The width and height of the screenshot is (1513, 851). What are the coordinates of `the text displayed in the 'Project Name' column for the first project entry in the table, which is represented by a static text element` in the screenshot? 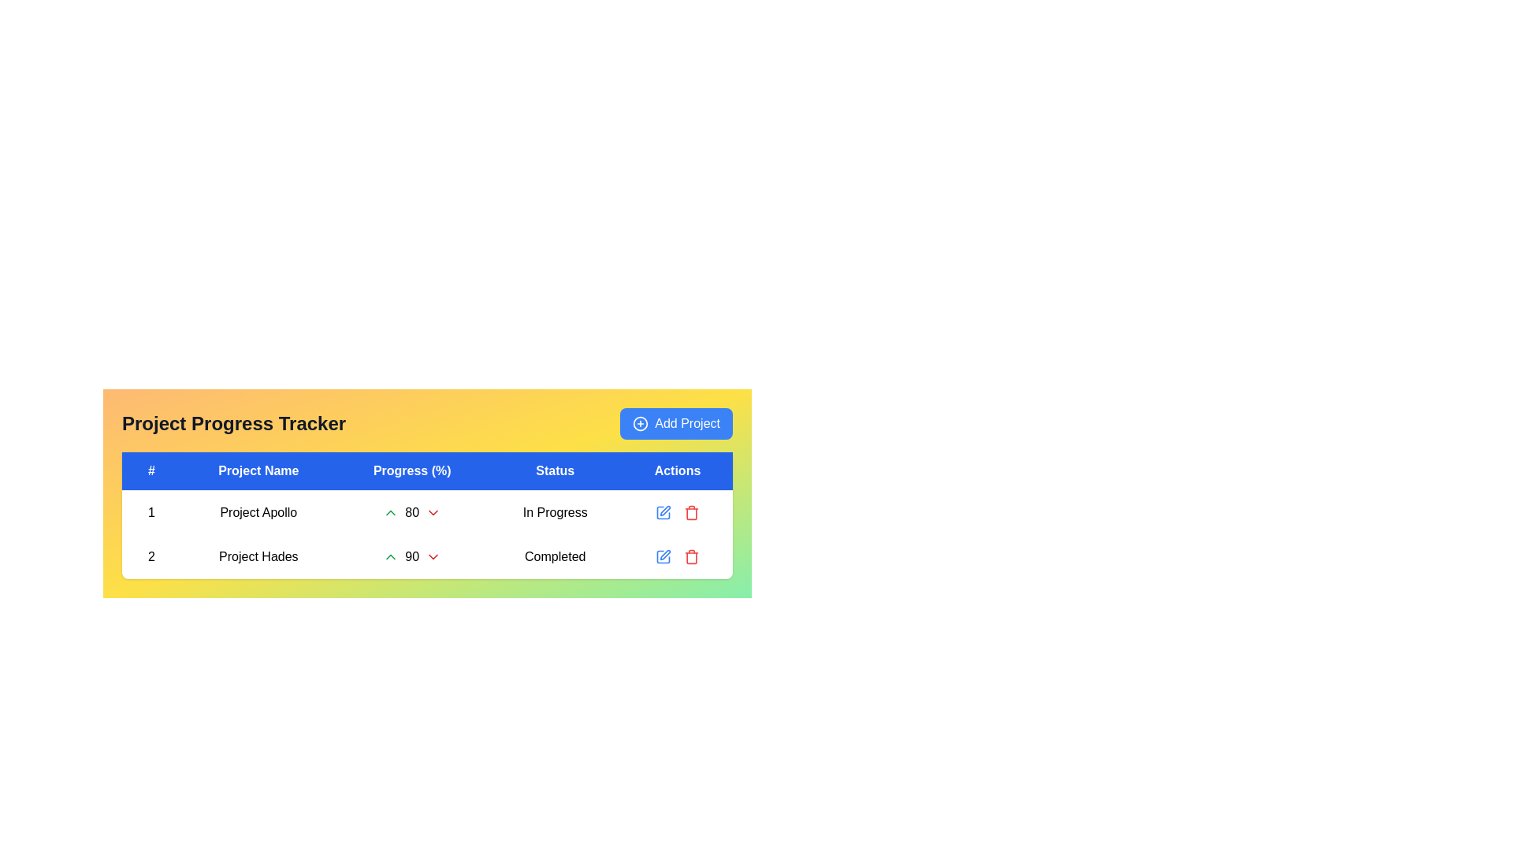 It's located at (258, 512).